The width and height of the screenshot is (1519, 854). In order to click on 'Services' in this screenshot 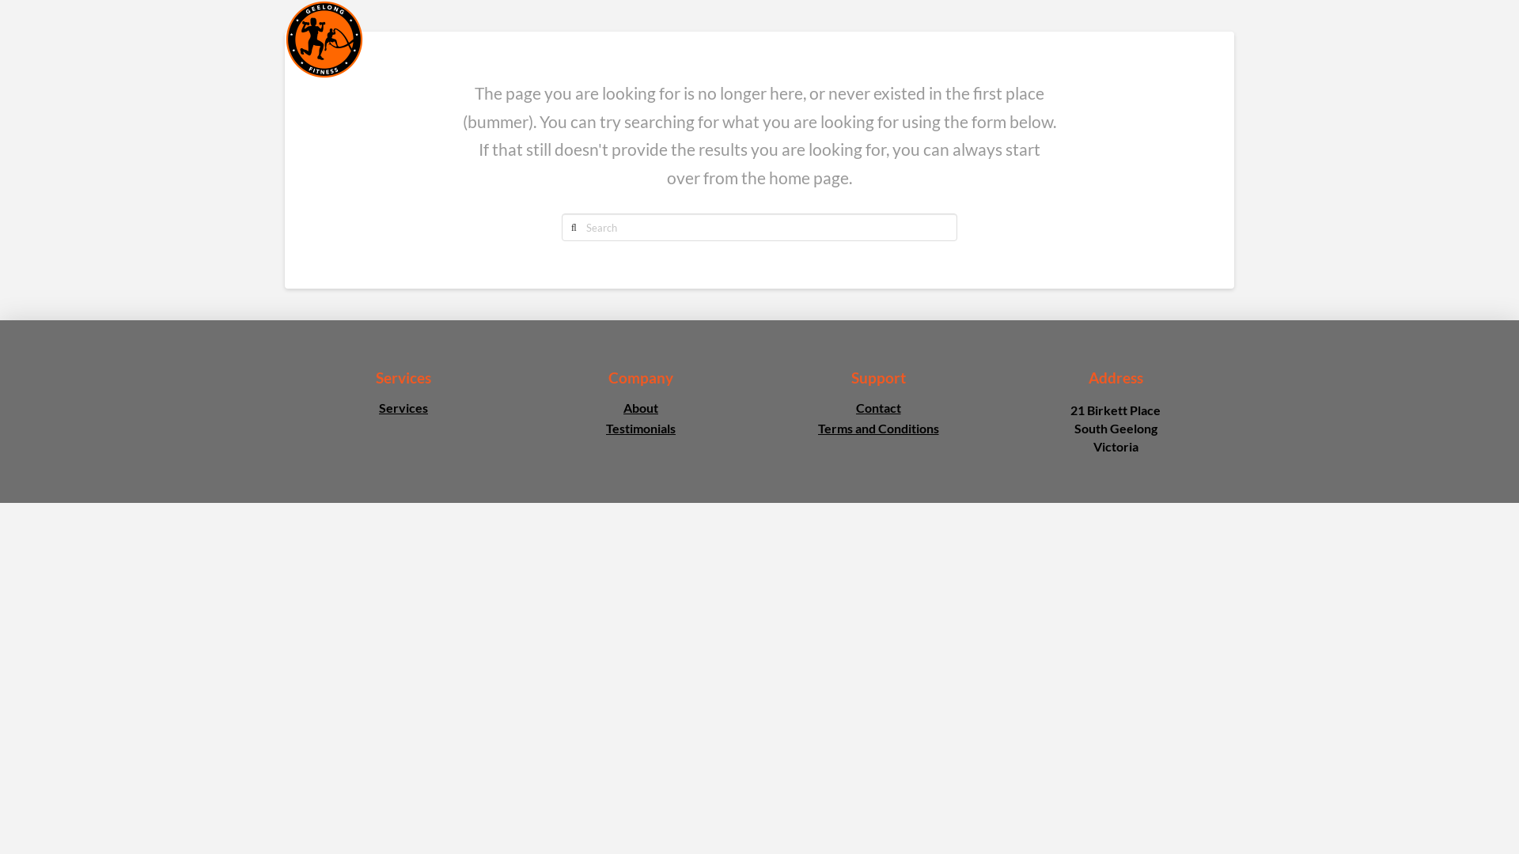, I will do `click(403, 410)`.